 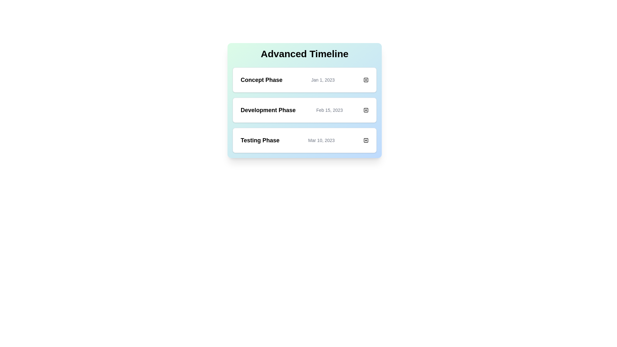 I want to click on the icon button resembling a plus symbol, located in the far-right section of the 'Testing Phase' row, so click(x=366, y=140).